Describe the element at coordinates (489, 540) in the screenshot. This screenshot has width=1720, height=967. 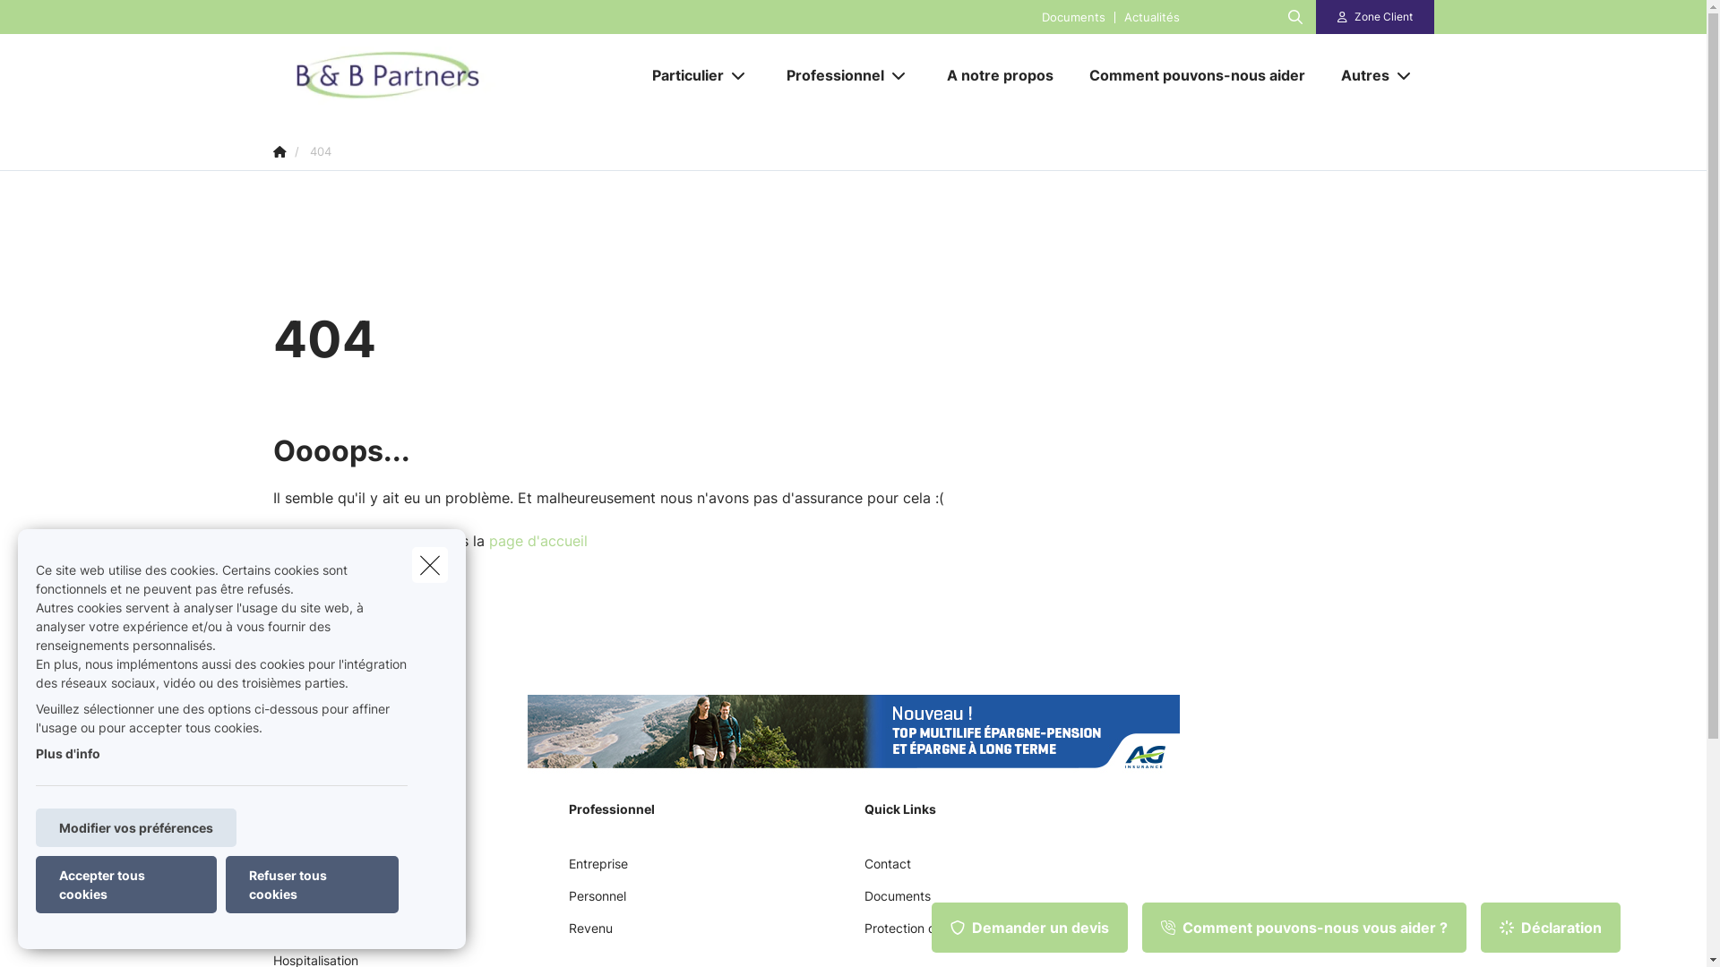
I see `'page d'accueil'` at that location.